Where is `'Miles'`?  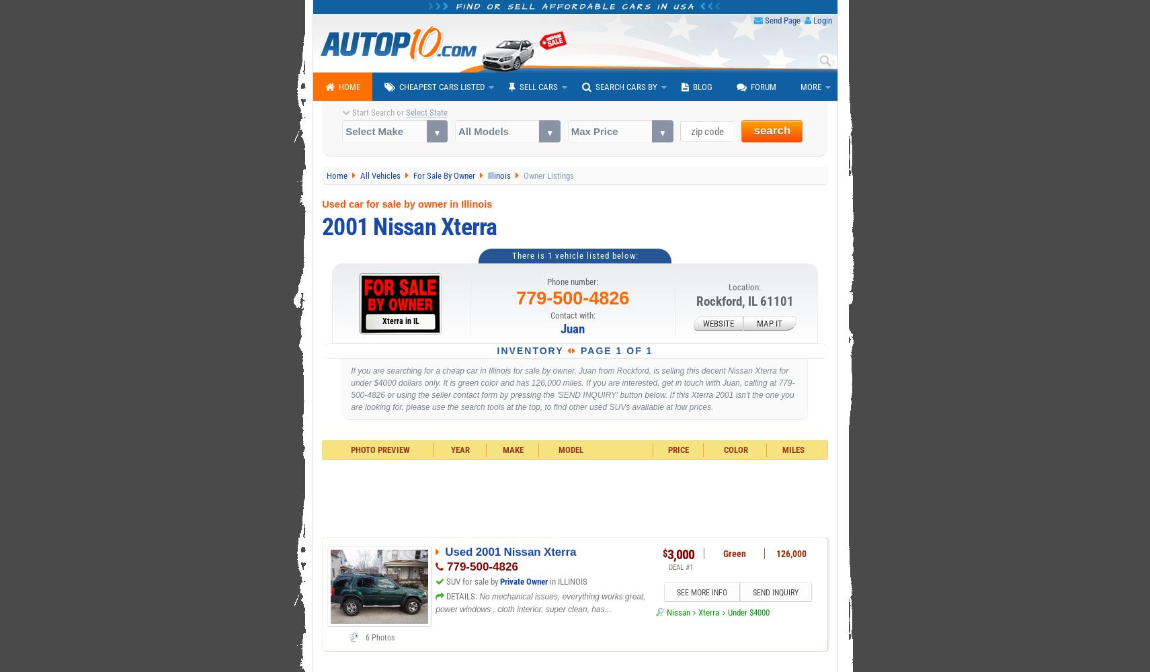
'Miles' is located at coordinates (792, 450).